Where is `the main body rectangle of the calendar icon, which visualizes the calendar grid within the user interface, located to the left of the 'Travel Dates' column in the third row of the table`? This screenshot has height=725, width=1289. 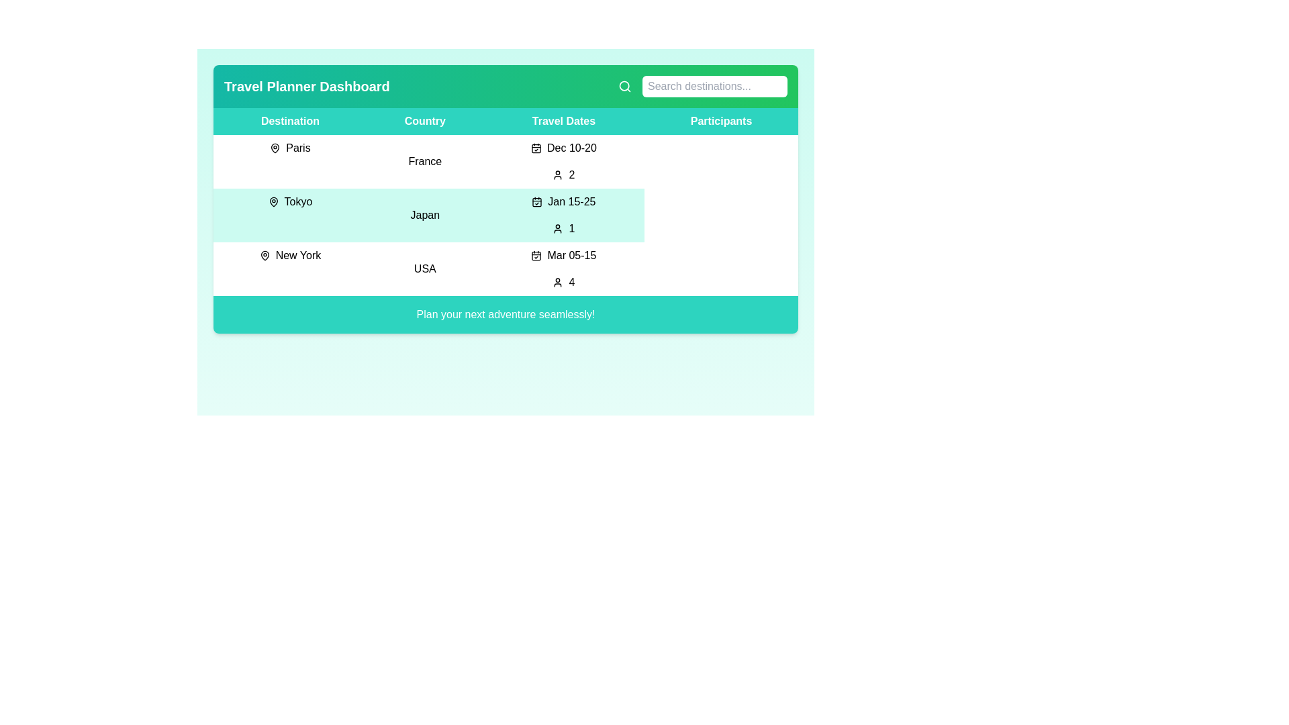 the main body rectangle of the calendar icon, which visualizes the calendar grid within the user interface, located to the left of the 'Travel Dates' column in the third row of the table is located at coordinates (536, 256).